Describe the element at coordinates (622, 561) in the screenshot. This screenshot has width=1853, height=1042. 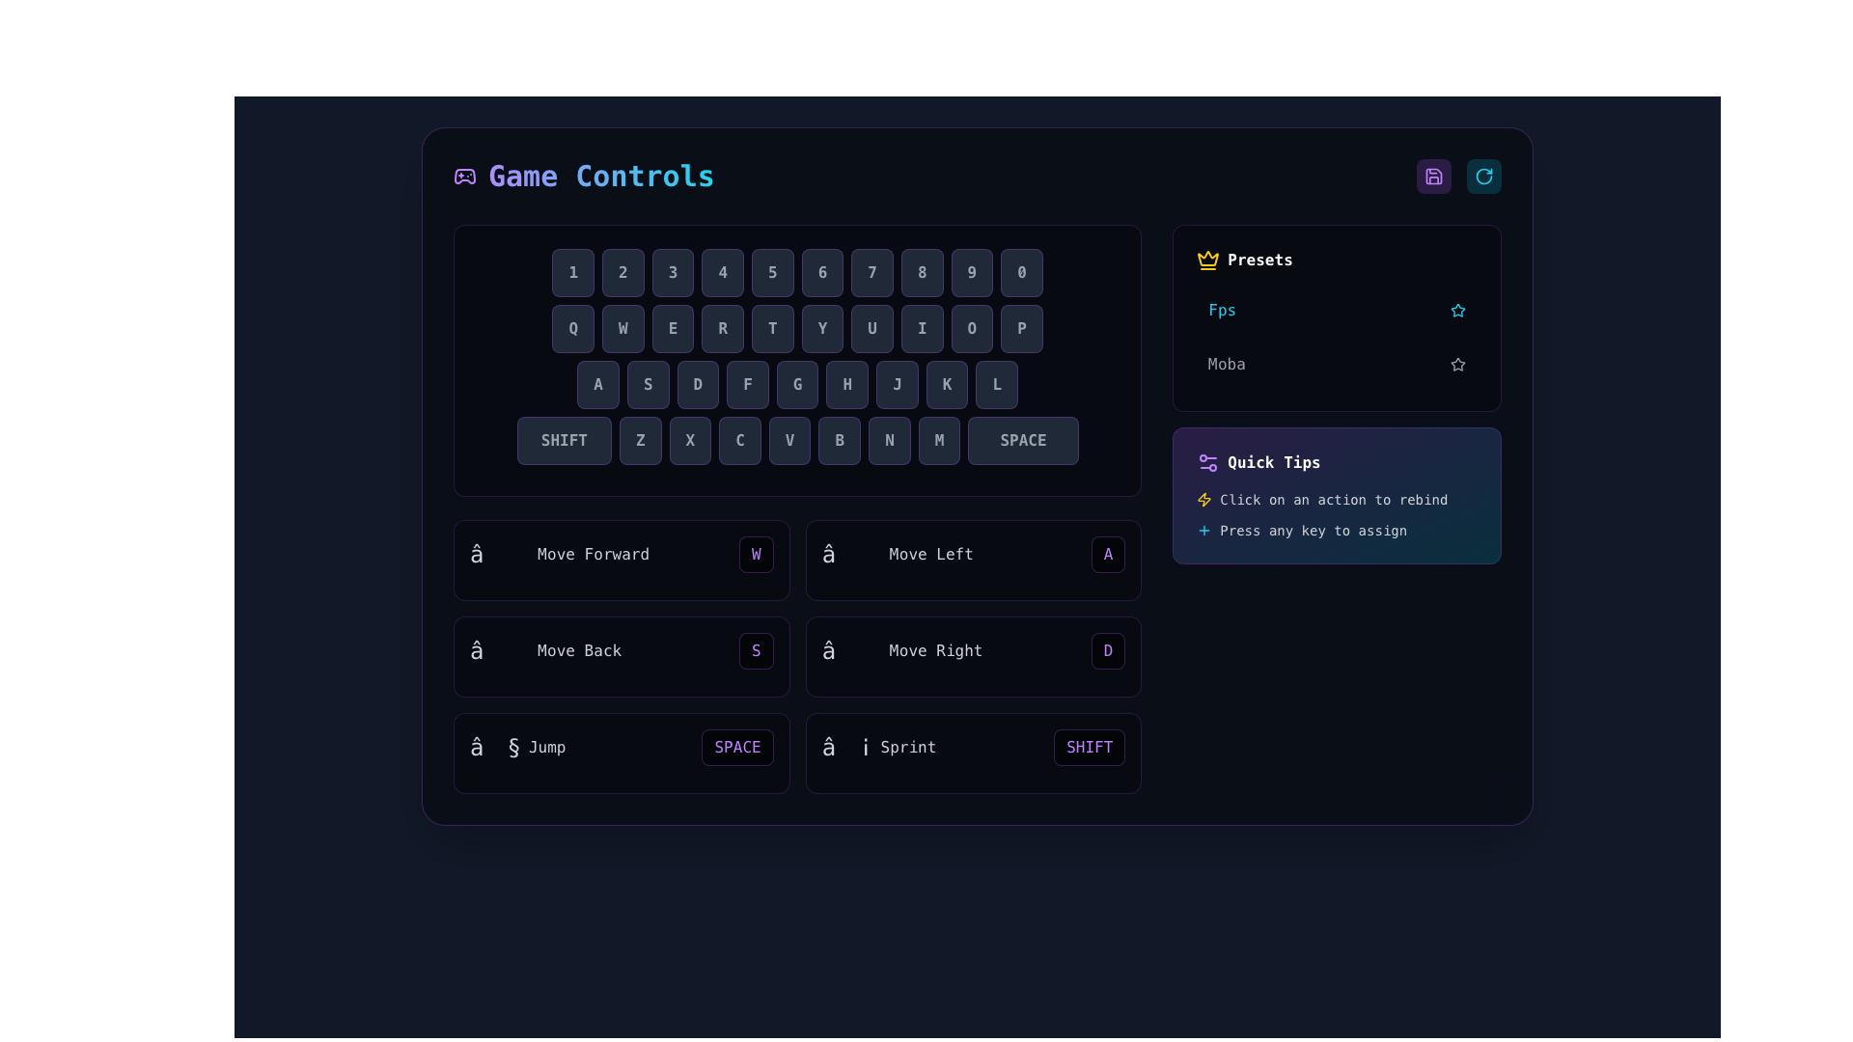
I see `the Interactive control display element titled 'Move Forward' with an upward arrow symbol and a keyboard key representation ('W'), styled with a purple outline, located in the upper-left section of the controls grid` at that location.